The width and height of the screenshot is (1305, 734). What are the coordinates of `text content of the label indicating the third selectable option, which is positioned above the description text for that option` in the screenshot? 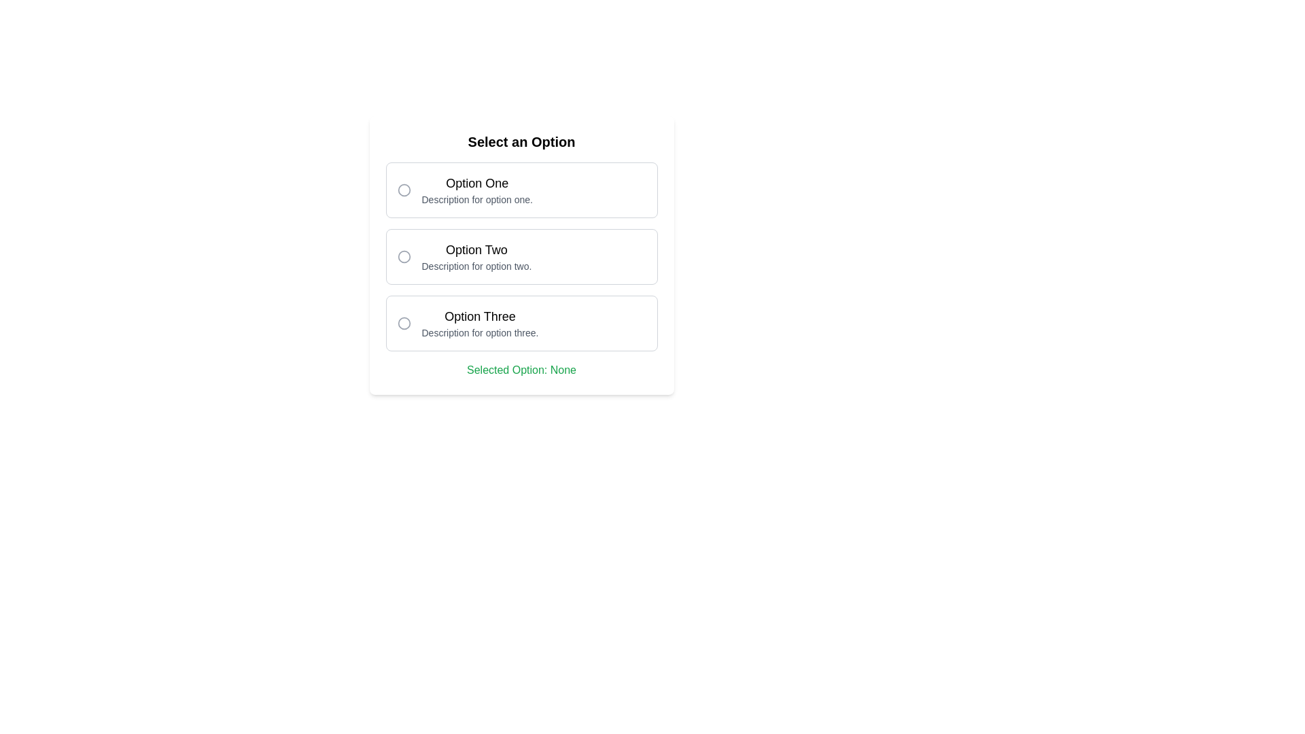 It's located at (480, 317).